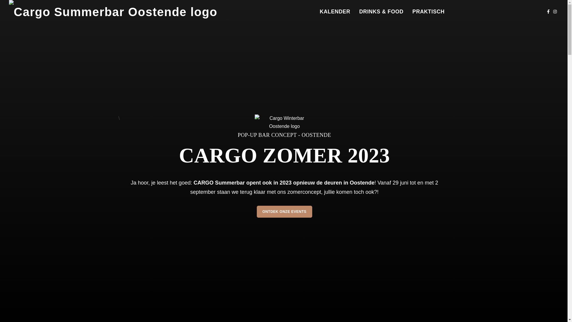 The image size is (572, 322). I want to click on 'KALENDER', so click(335, 11).